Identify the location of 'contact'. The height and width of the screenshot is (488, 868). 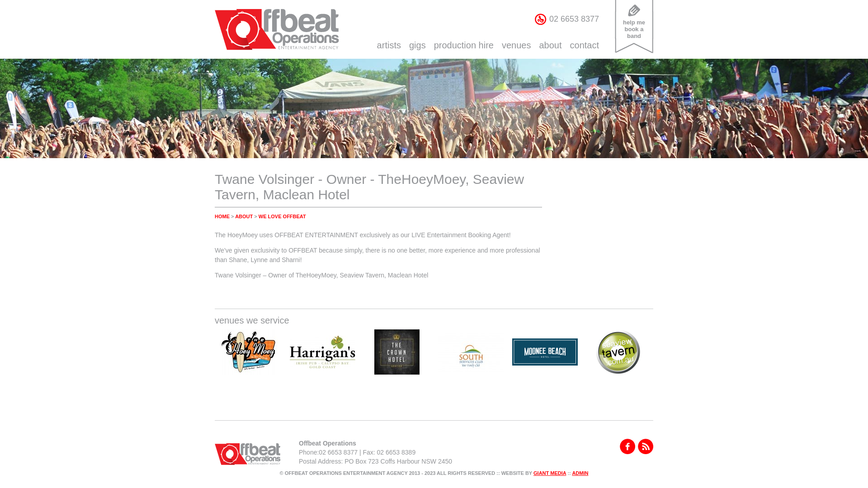
(584, 45).